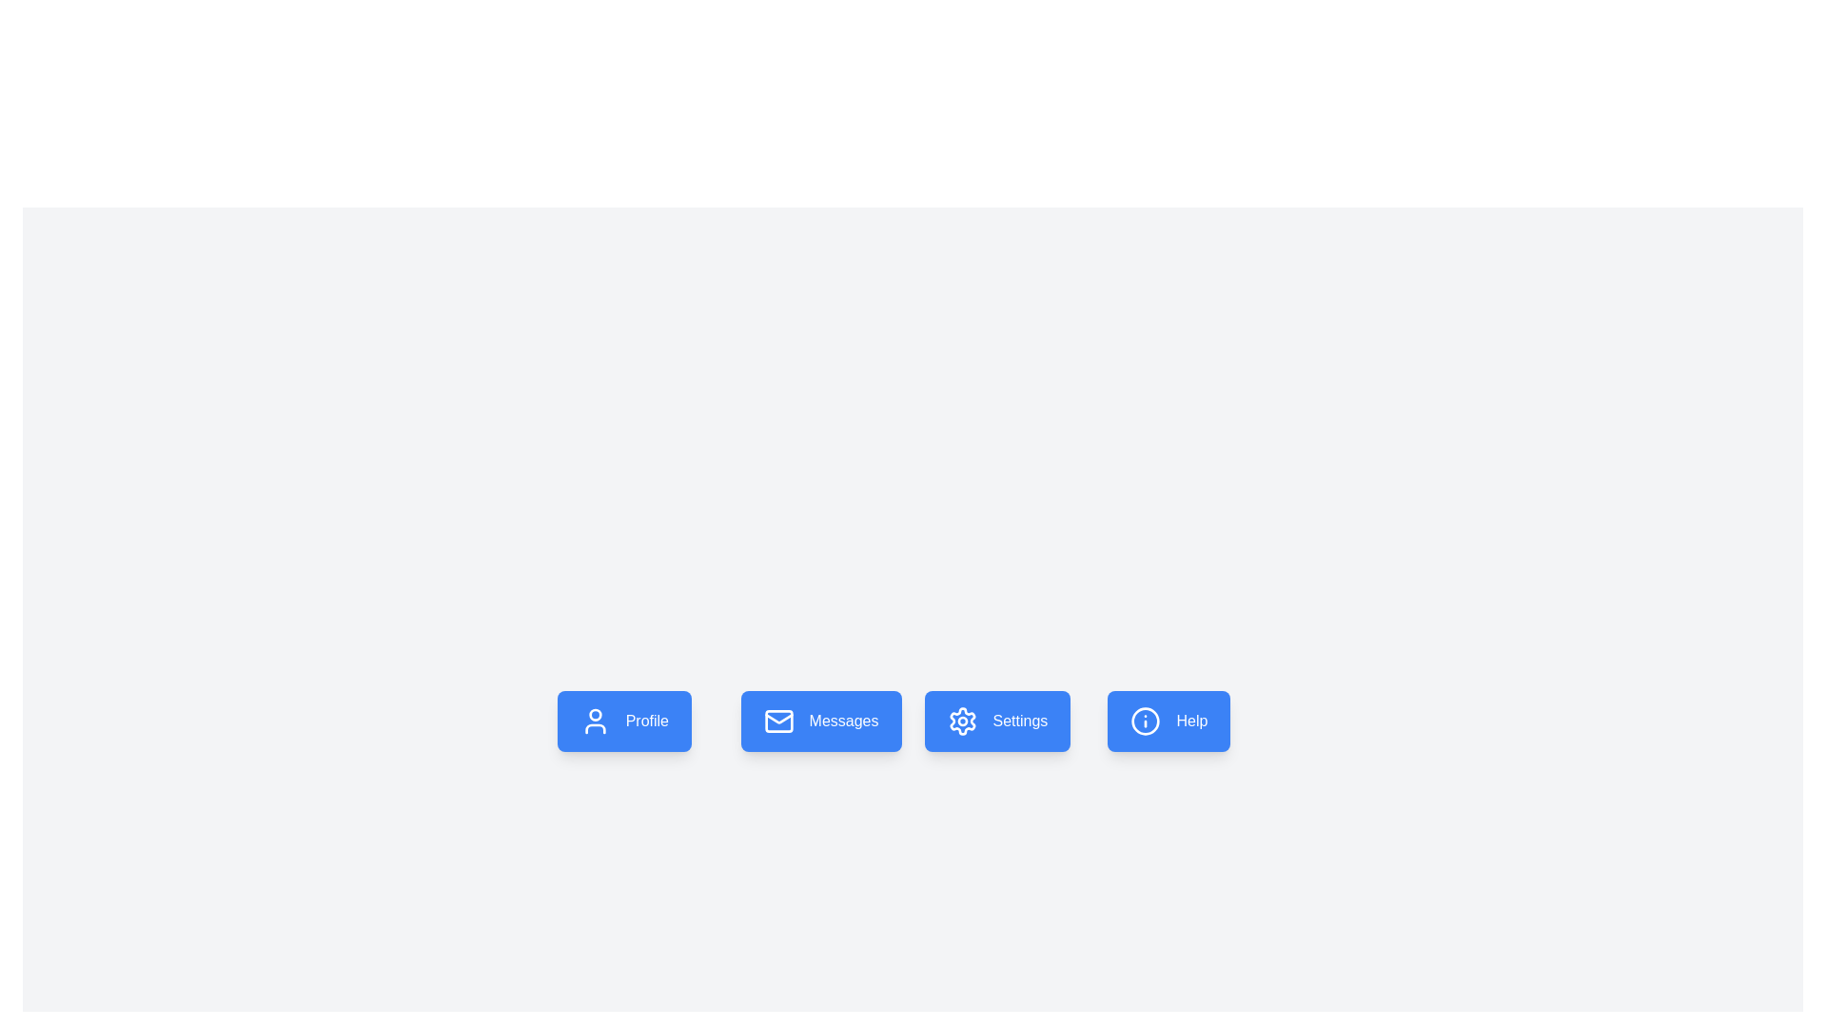 The width and height of the screenshot is (1827, 1028). Describe the element at coordinates (638, 722) in the screenshot. I see `the 'Profile' button, which is a blue rectangular button with a user figure icon and white text` at that location.